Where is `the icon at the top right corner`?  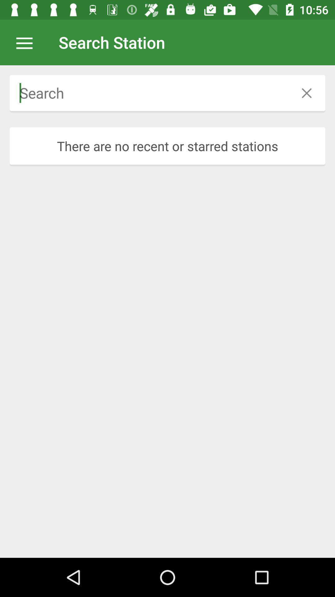
the icon at the top right corner is located at coordinates (306, 93).